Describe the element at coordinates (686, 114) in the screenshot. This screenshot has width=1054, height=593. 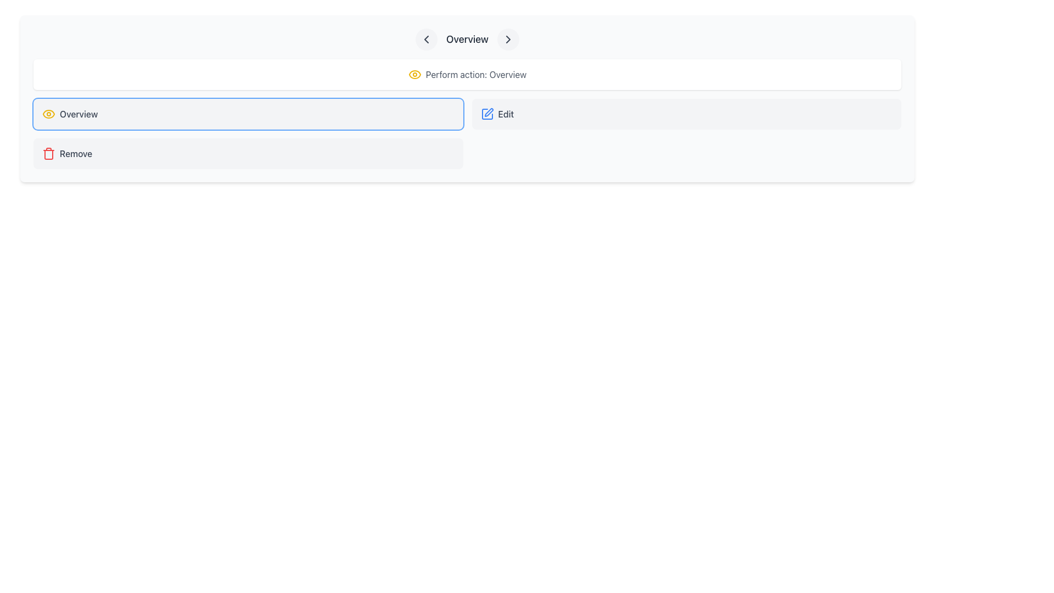
I see `keyboard navigation` at that location.